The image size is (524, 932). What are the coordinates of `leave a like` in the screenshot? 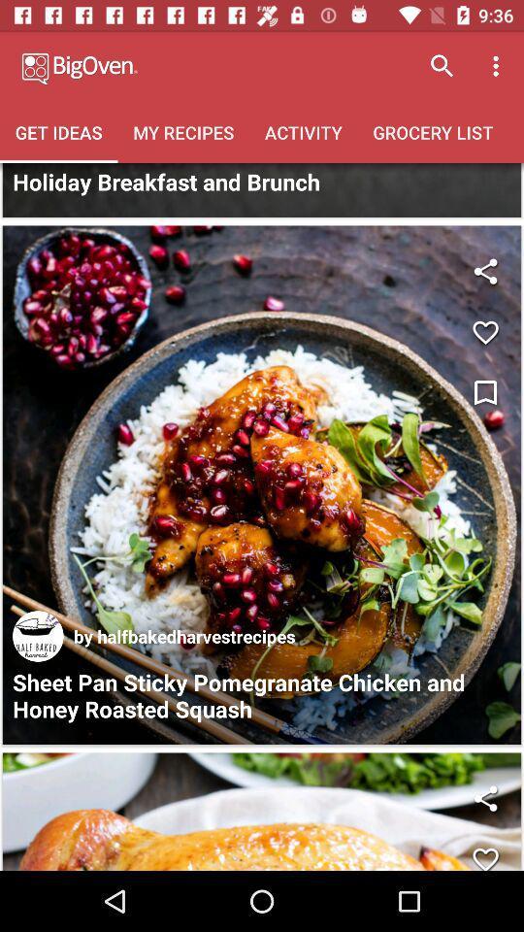 It's located at (484, 332).